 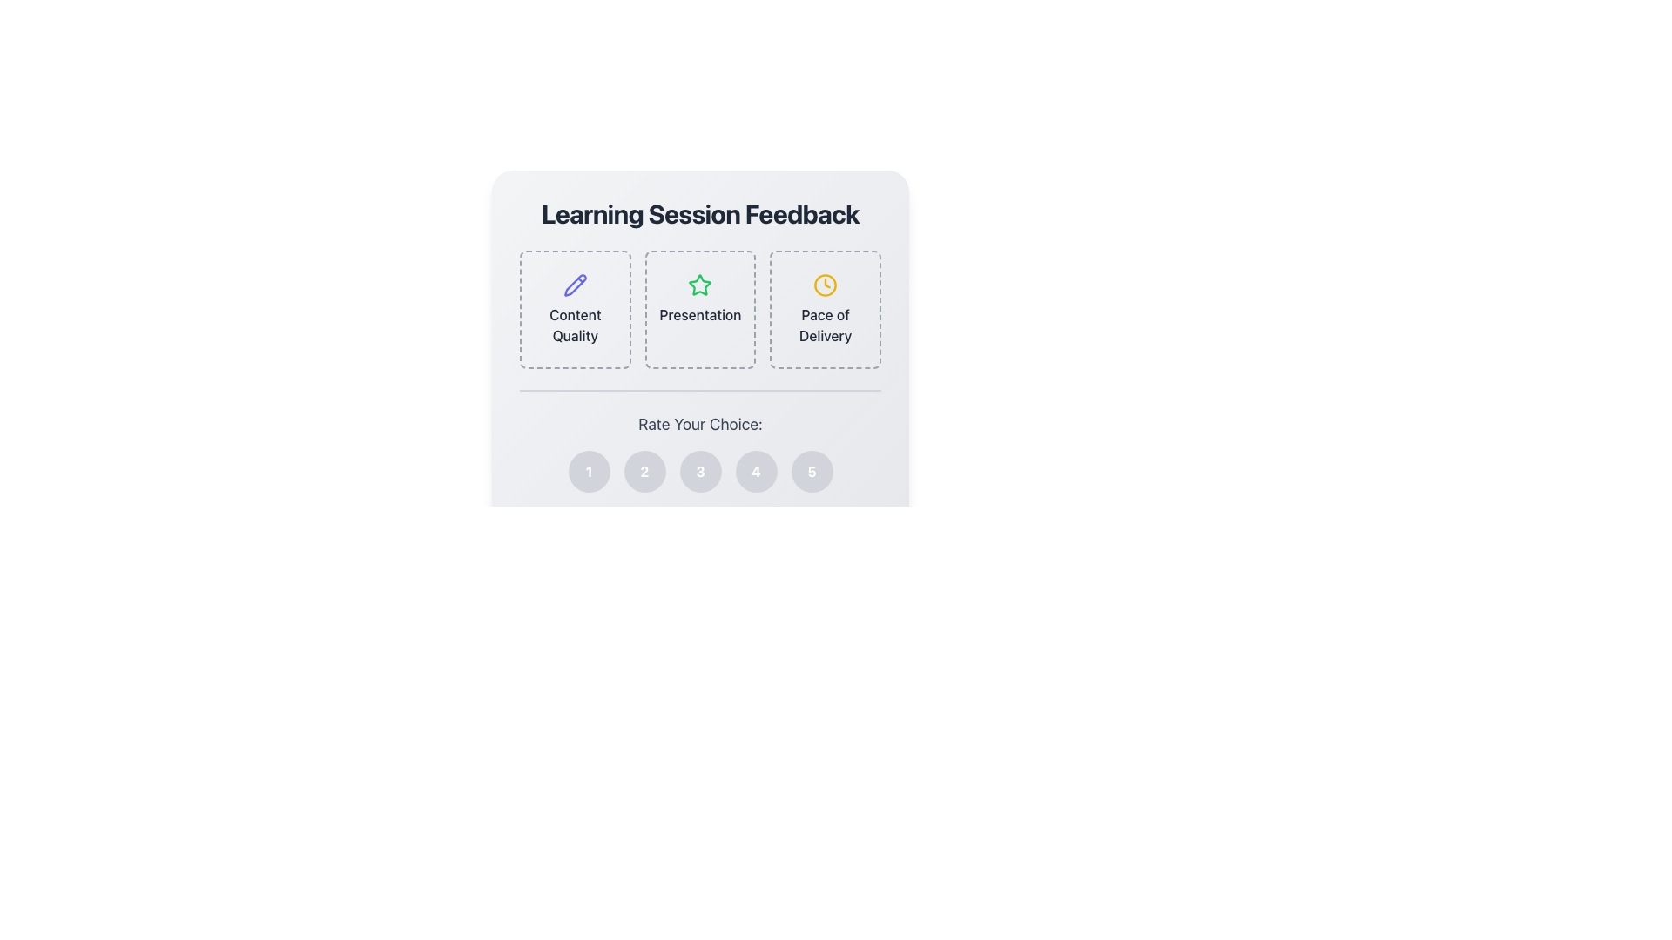 I want to click on the third radio button labeled '3' in the feedback interface, so click(x=700, y=472).